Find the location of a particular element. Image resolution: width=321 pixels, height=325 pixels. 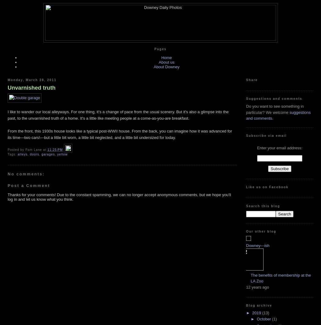

'About us' is located at coordinates (158, 62).